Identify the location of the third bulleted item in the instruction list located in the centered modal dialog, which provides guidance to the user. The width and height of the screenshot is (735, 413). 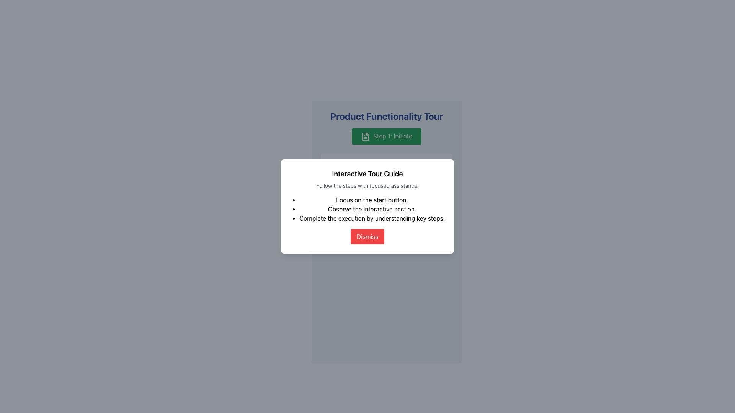
(372, 218).